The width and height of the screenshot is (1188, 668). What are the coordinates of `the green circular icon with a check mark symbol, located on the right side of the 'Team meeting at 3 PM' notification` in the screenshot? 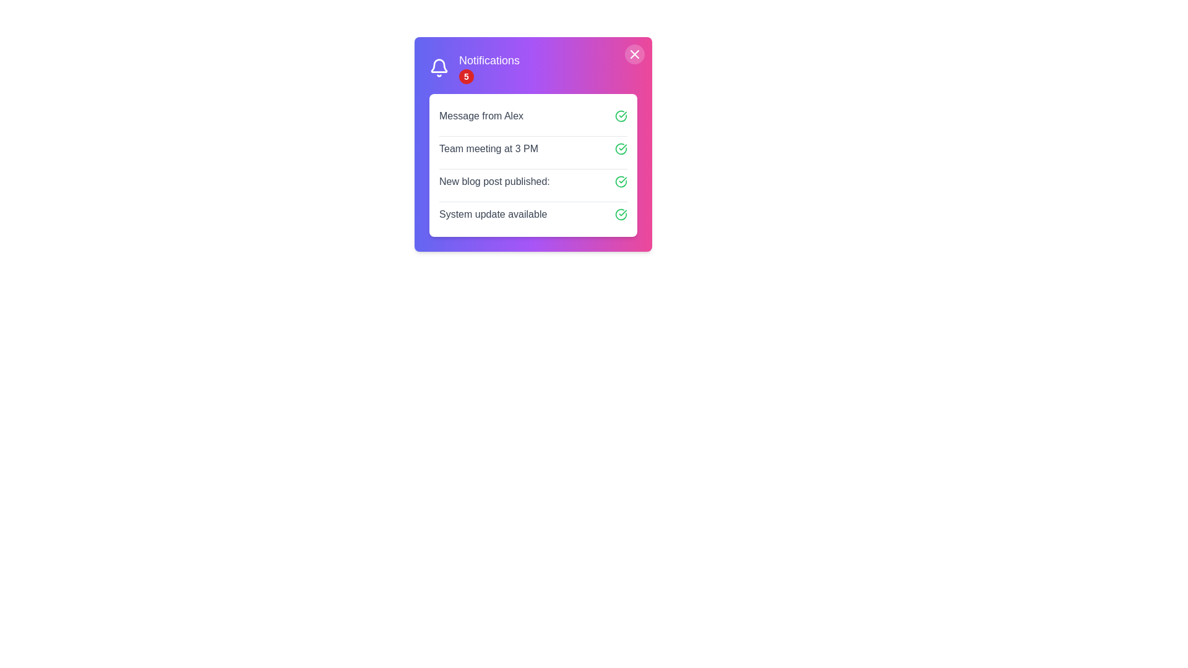 It's located at (621, 148).